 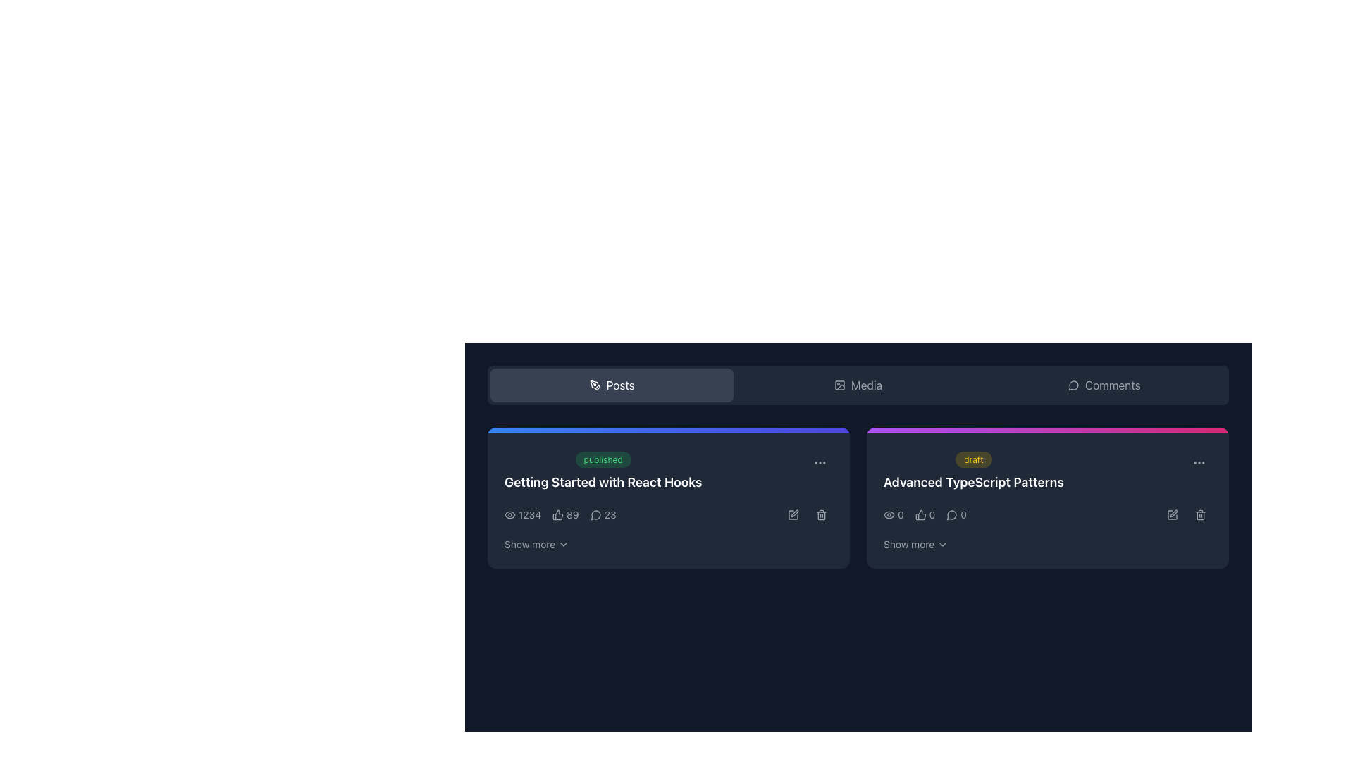 What do you see at coordinates (820, 462) in the screenshot?
I see `the Ellipsis button located at the top-right corner of the 'Getting Started with React Hooks' card` at bounding box center [820, 462].